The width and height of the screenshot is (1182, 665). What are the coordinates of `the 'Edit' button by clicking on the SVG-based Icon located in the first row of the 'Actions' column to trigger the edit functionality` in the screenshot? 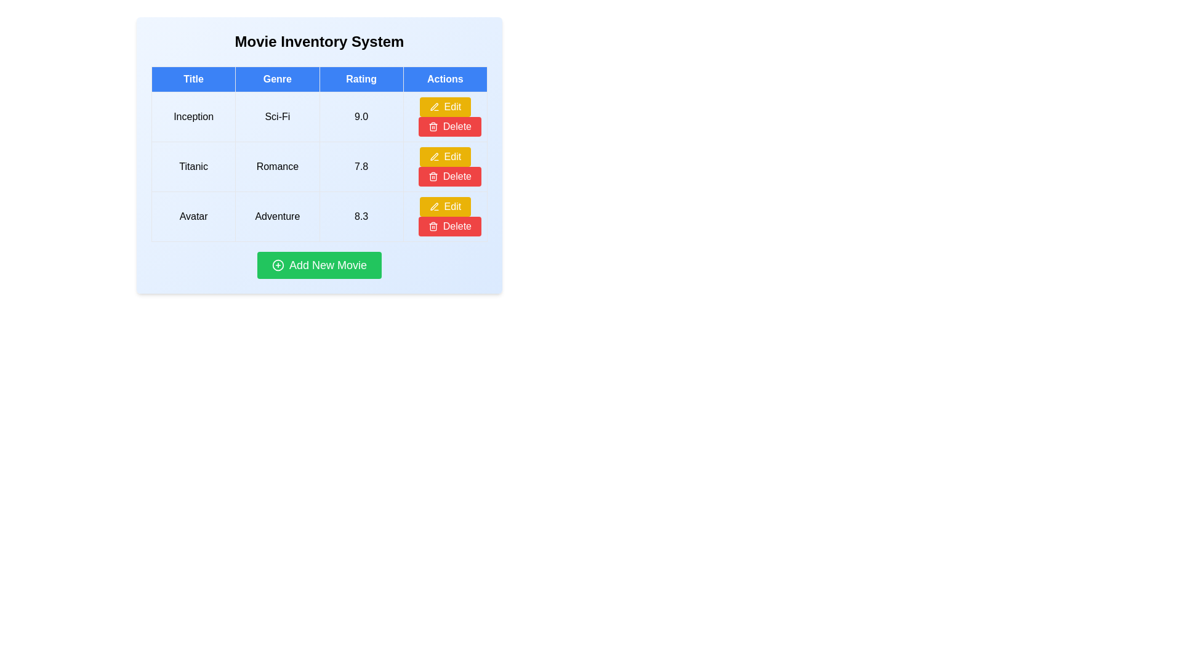 It's located at (434, 106).